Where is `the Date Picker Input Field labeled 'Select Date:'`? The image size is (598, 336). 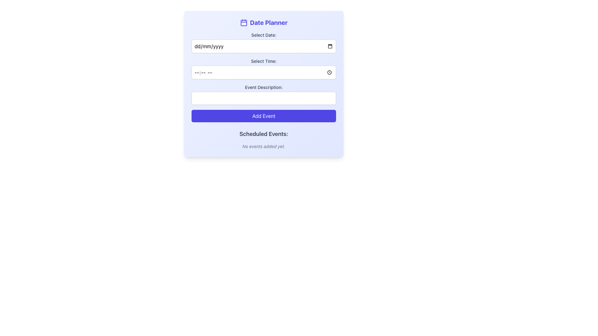
the Date Picker Input Field labeled 'Select Date:' is located at coordinates (263, 42).